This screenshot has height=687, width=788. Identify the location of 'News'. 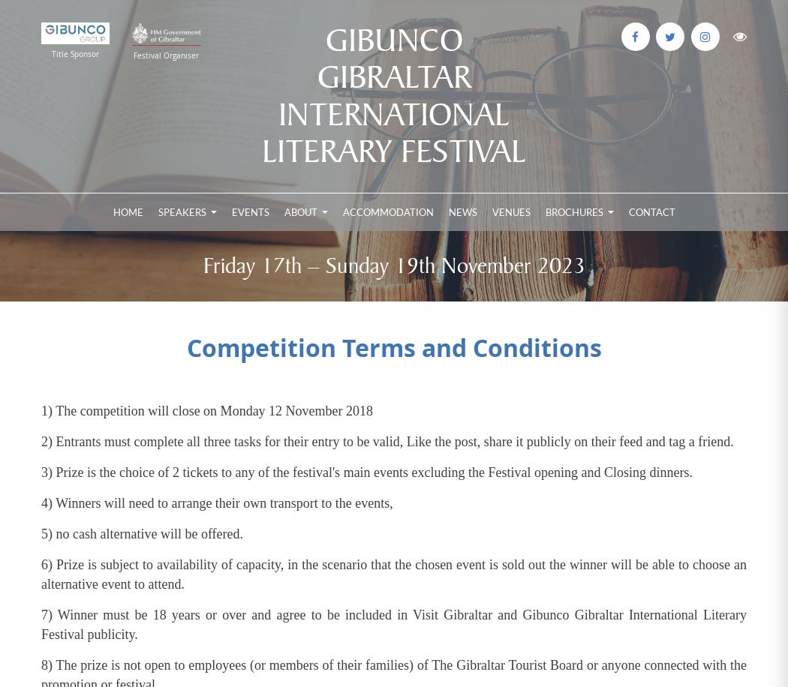
(462, 212).